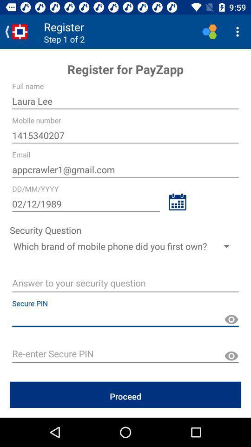 This screenshot has width=251, height=447. What do you see at coordinates (125, 354) in the screenshot?
I see `reenter pin` at bounding box center [125, 354].